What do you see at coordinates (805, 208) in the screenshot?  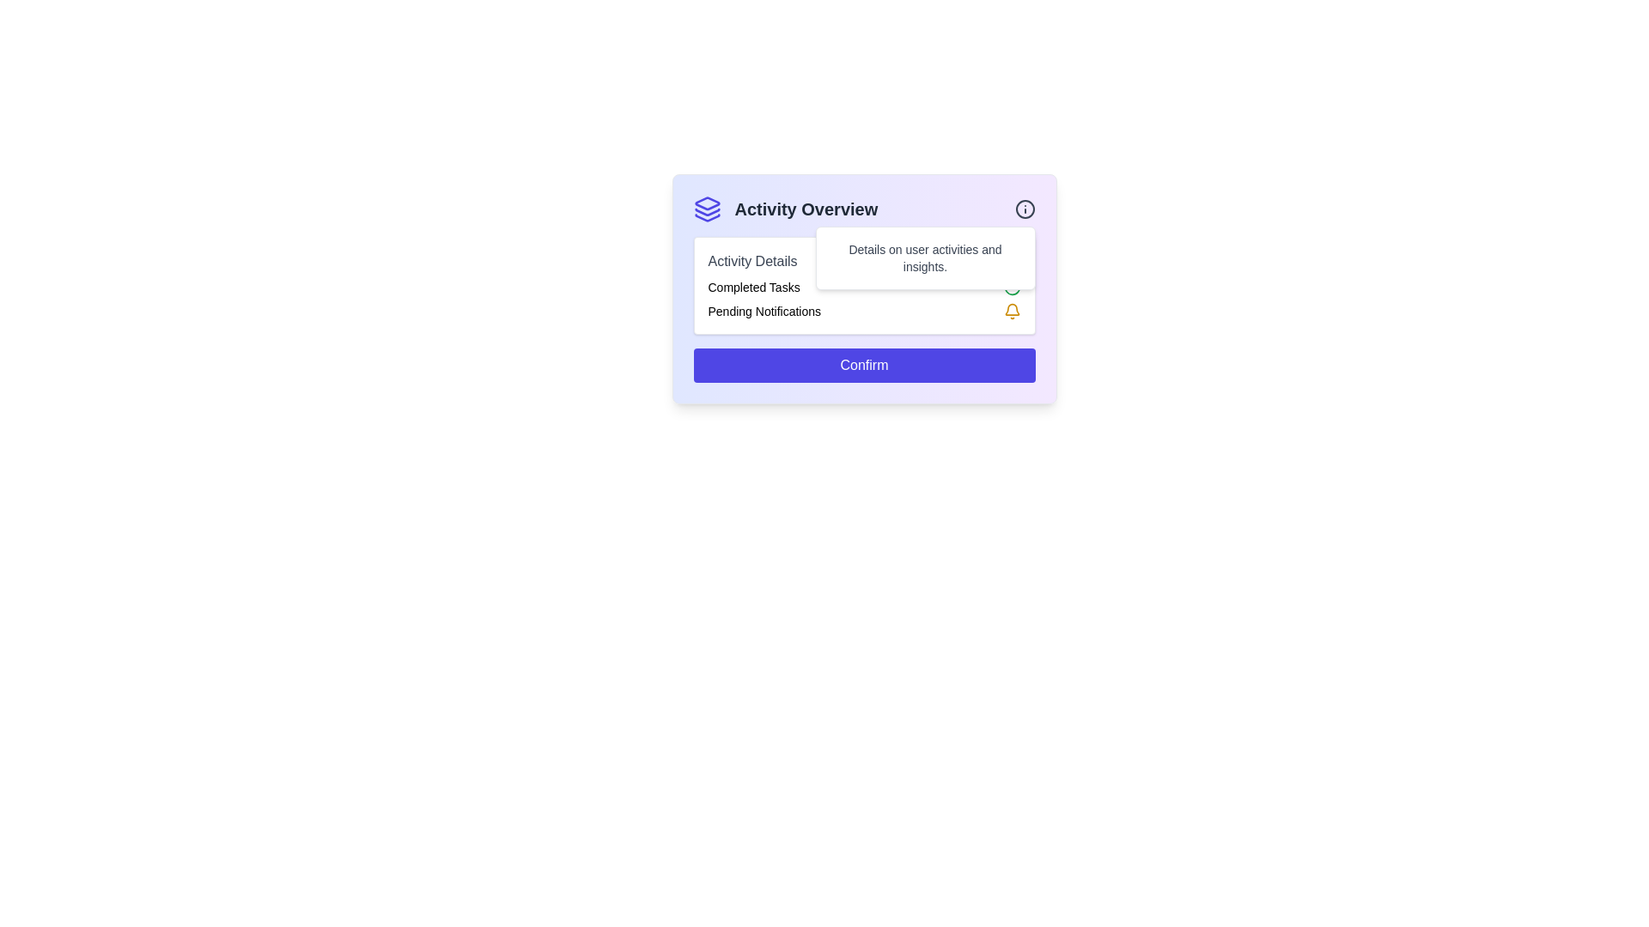 I see `text content of the 'Activity Overview' header label, which is prominently displayed in bold, large font within a card interface` at bounding box center [805, 208].